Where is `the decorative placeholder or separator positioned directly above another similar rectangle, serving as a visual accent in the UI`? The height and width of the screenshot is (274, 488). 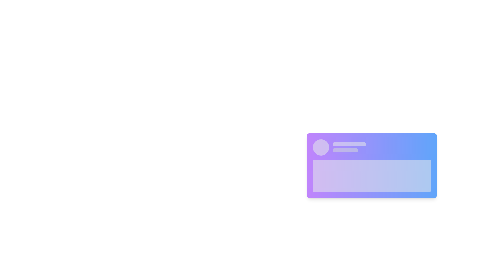 the decorative placeholder or separator positioned directly above another similar rectangle, serving as a visual accent in the UI is located at coordinates (349, 144).